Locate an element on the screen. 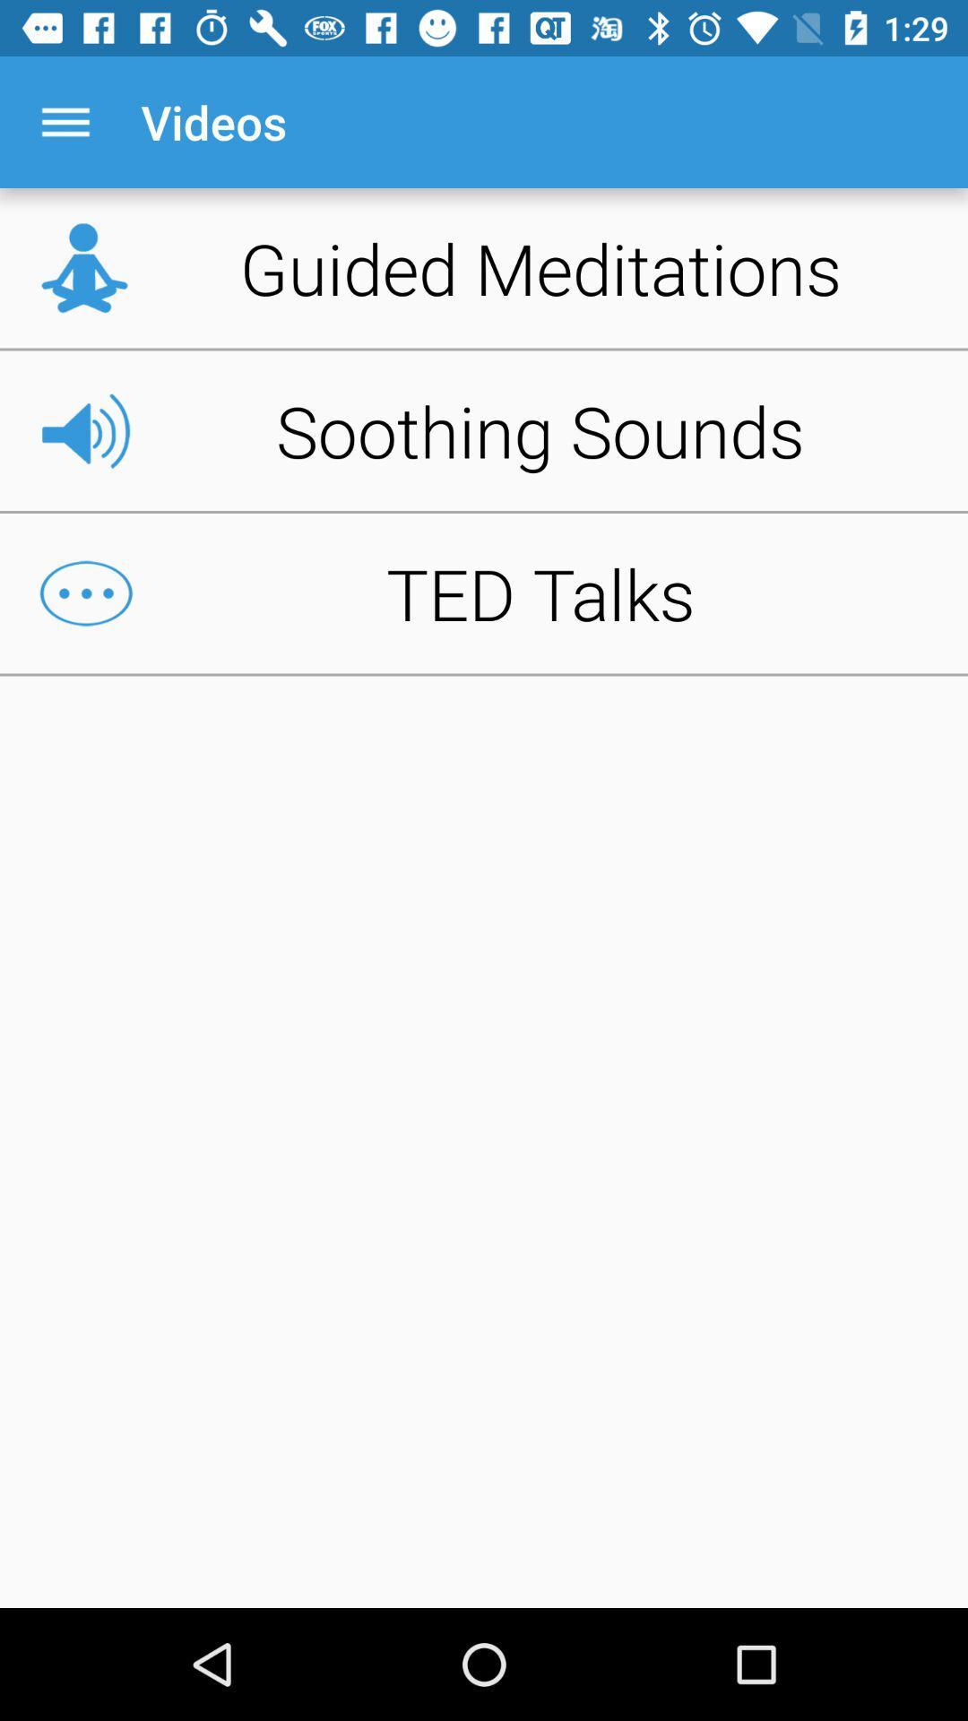 The height and width of the screenshot is (1721, 968). guided meditations is located at coordinates (484, 267).